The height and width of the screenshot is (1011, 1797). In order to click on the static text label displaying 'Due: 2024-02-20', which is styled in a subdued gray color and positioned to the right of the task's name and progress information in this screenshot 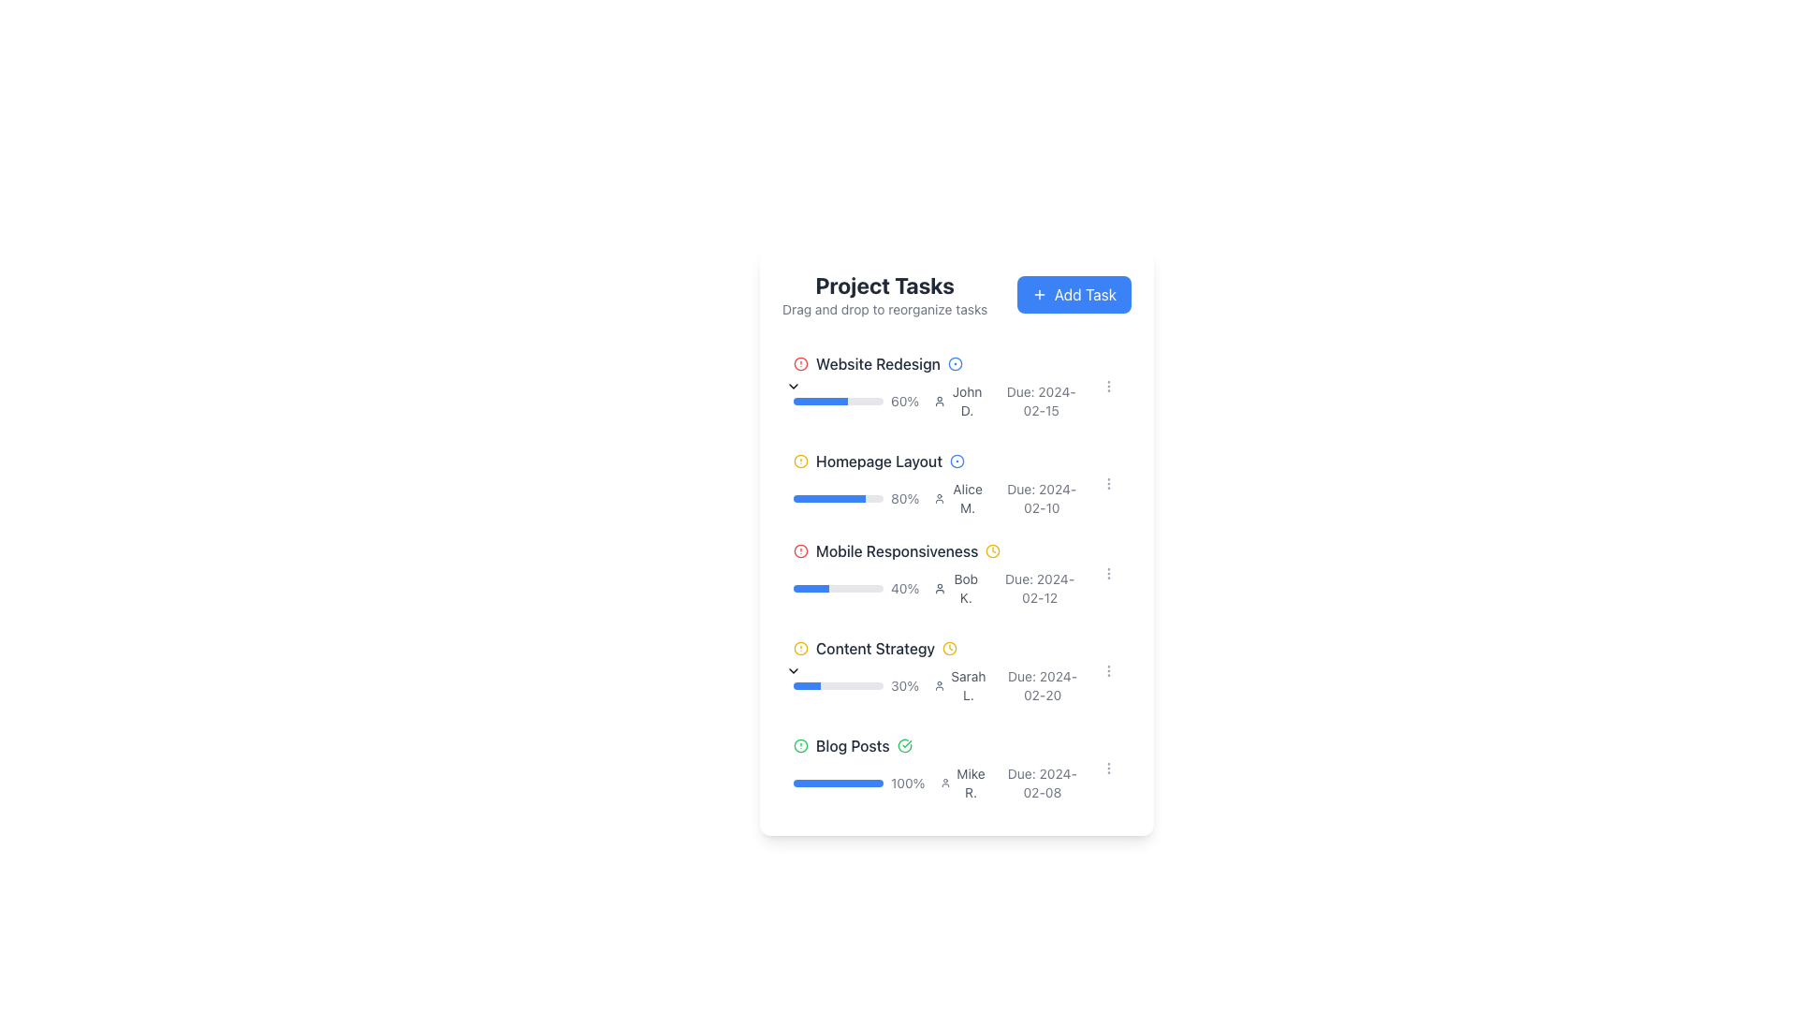, I will do `click(1042, 685)`.